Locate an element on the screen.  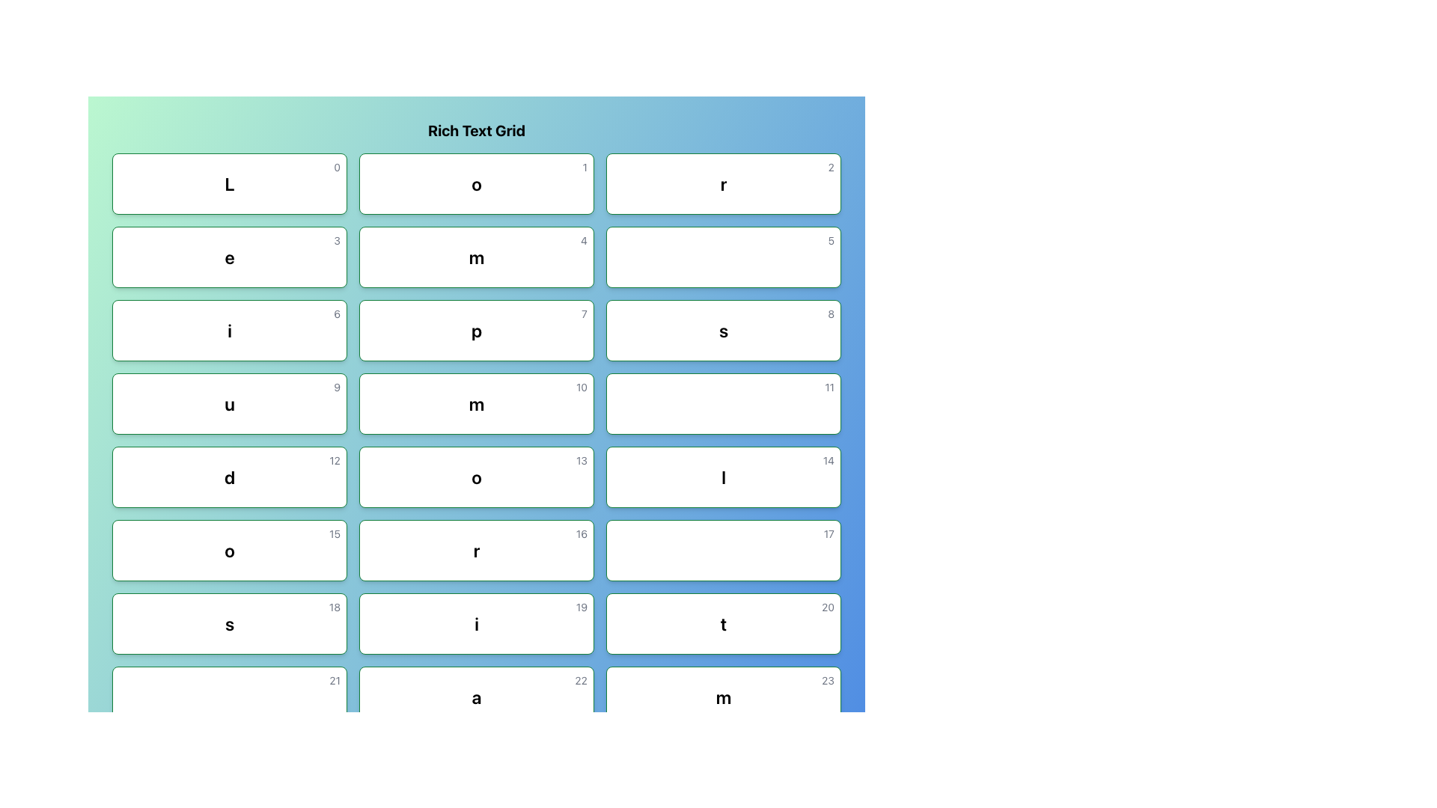
text displayed in the bold, centered heading element labeled 'Rich Text Grid' located at the top of the grid layout is located at coordinates (476, 129).